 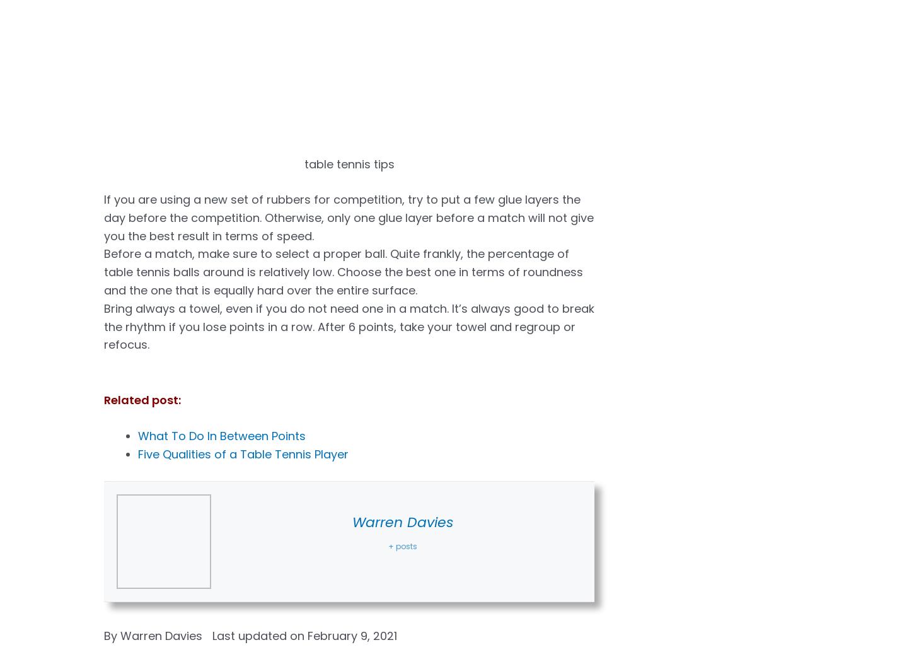 I want to click on 'table tennis tips', so click(x=349, y=163).